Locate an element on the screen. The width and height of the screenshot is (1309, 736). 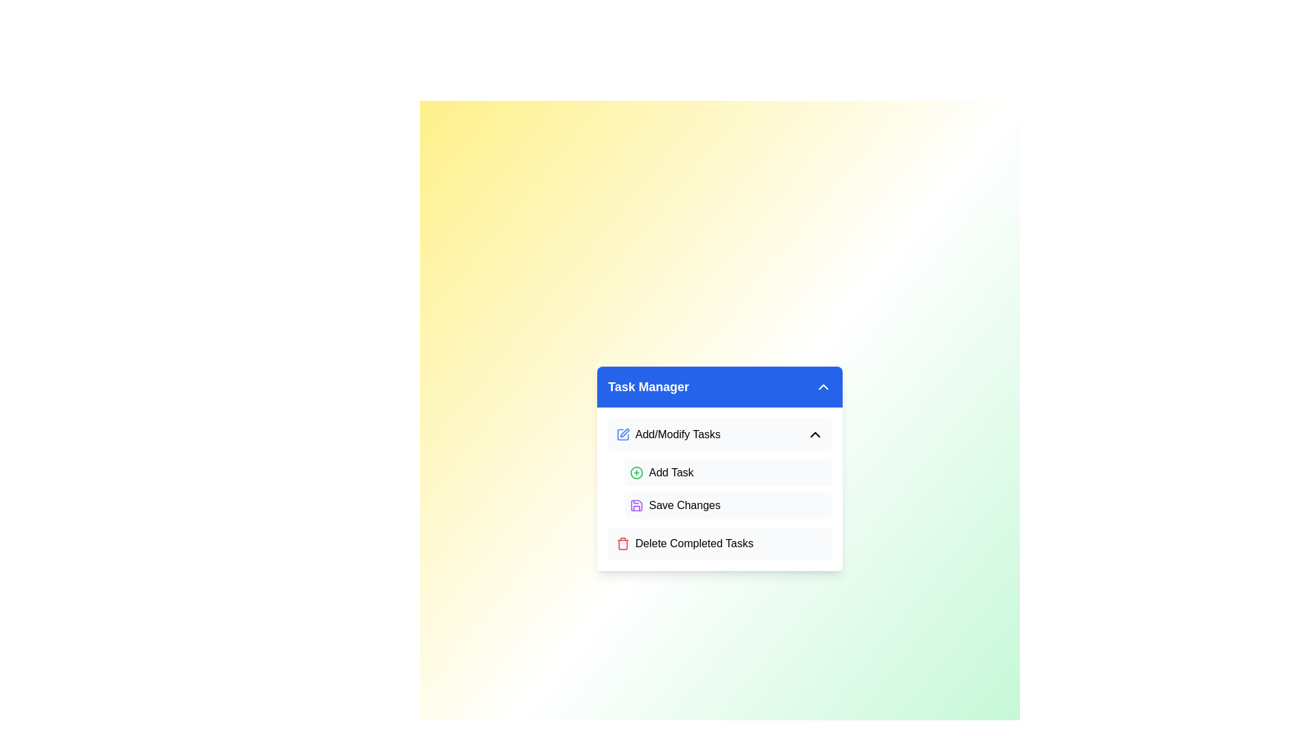
text from the 'Task Manager' label, which is styled with a bold font on a blue background and located at the top of the UI component is located at coordinates (648, 386).